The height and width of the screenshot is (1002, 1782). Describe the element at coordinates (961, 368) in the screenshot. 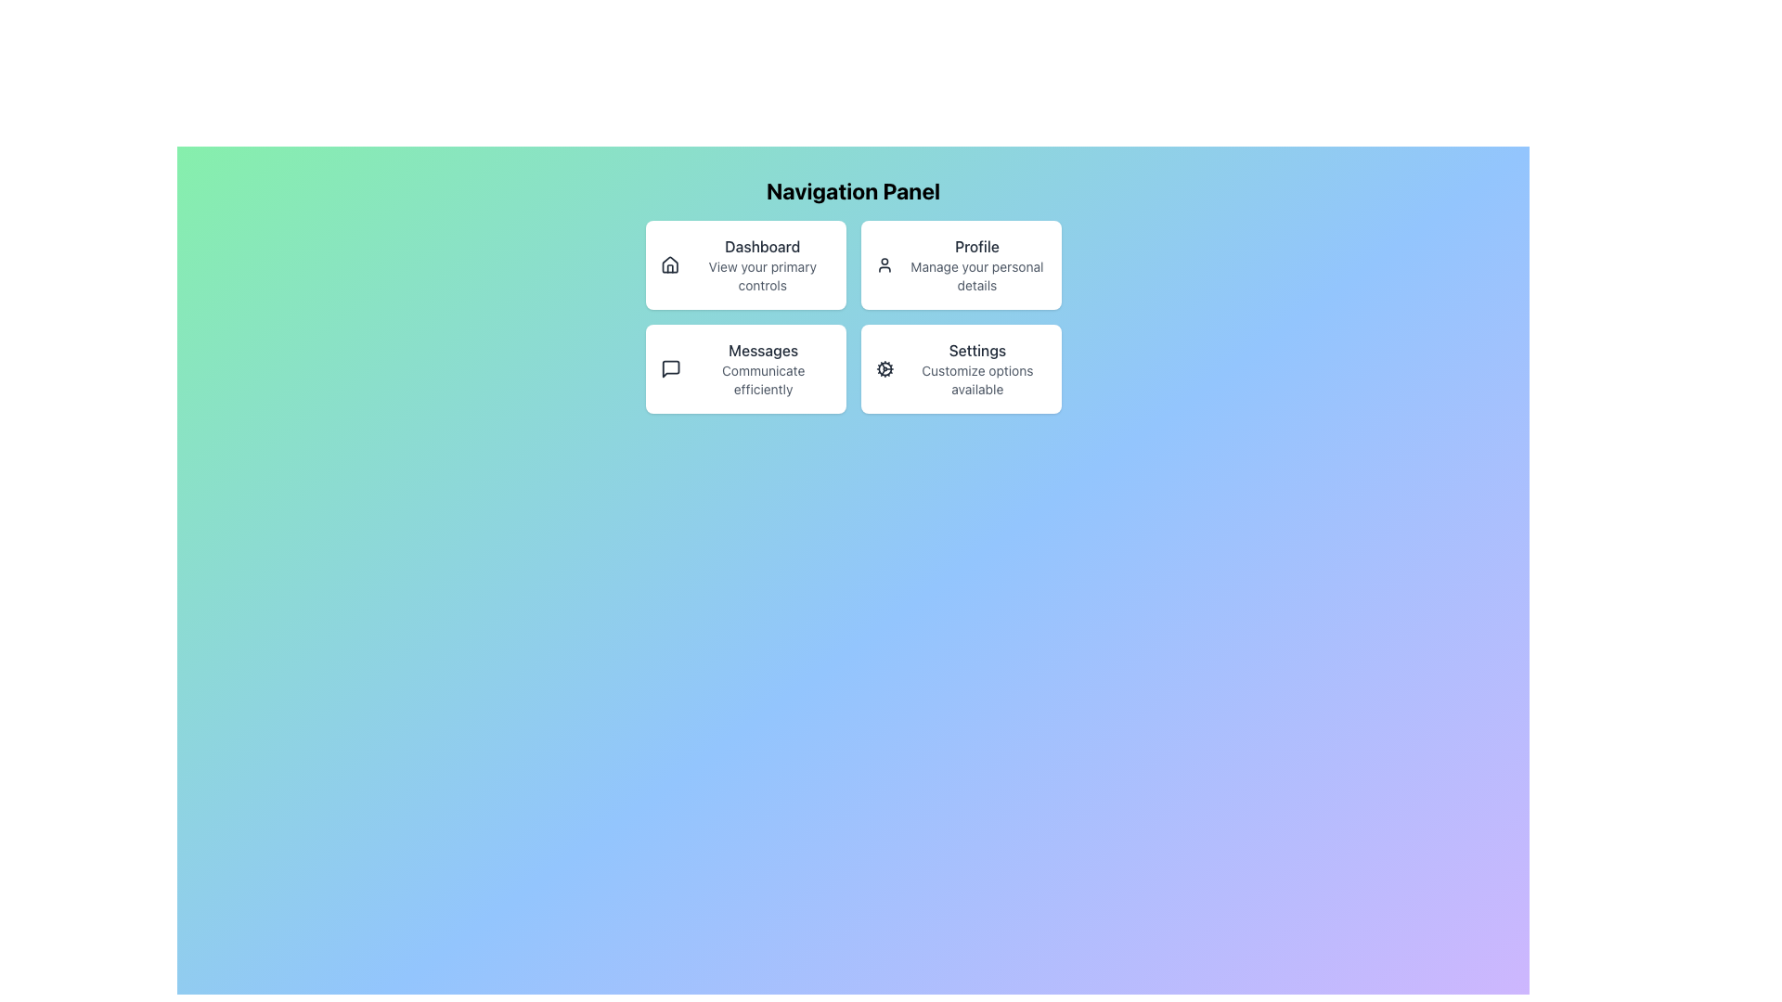

I see `the settings shortcut element located at the bottom-right of the 2x2 grid of options within the card in the bottom-right corner of the main navigation panel` at that location.